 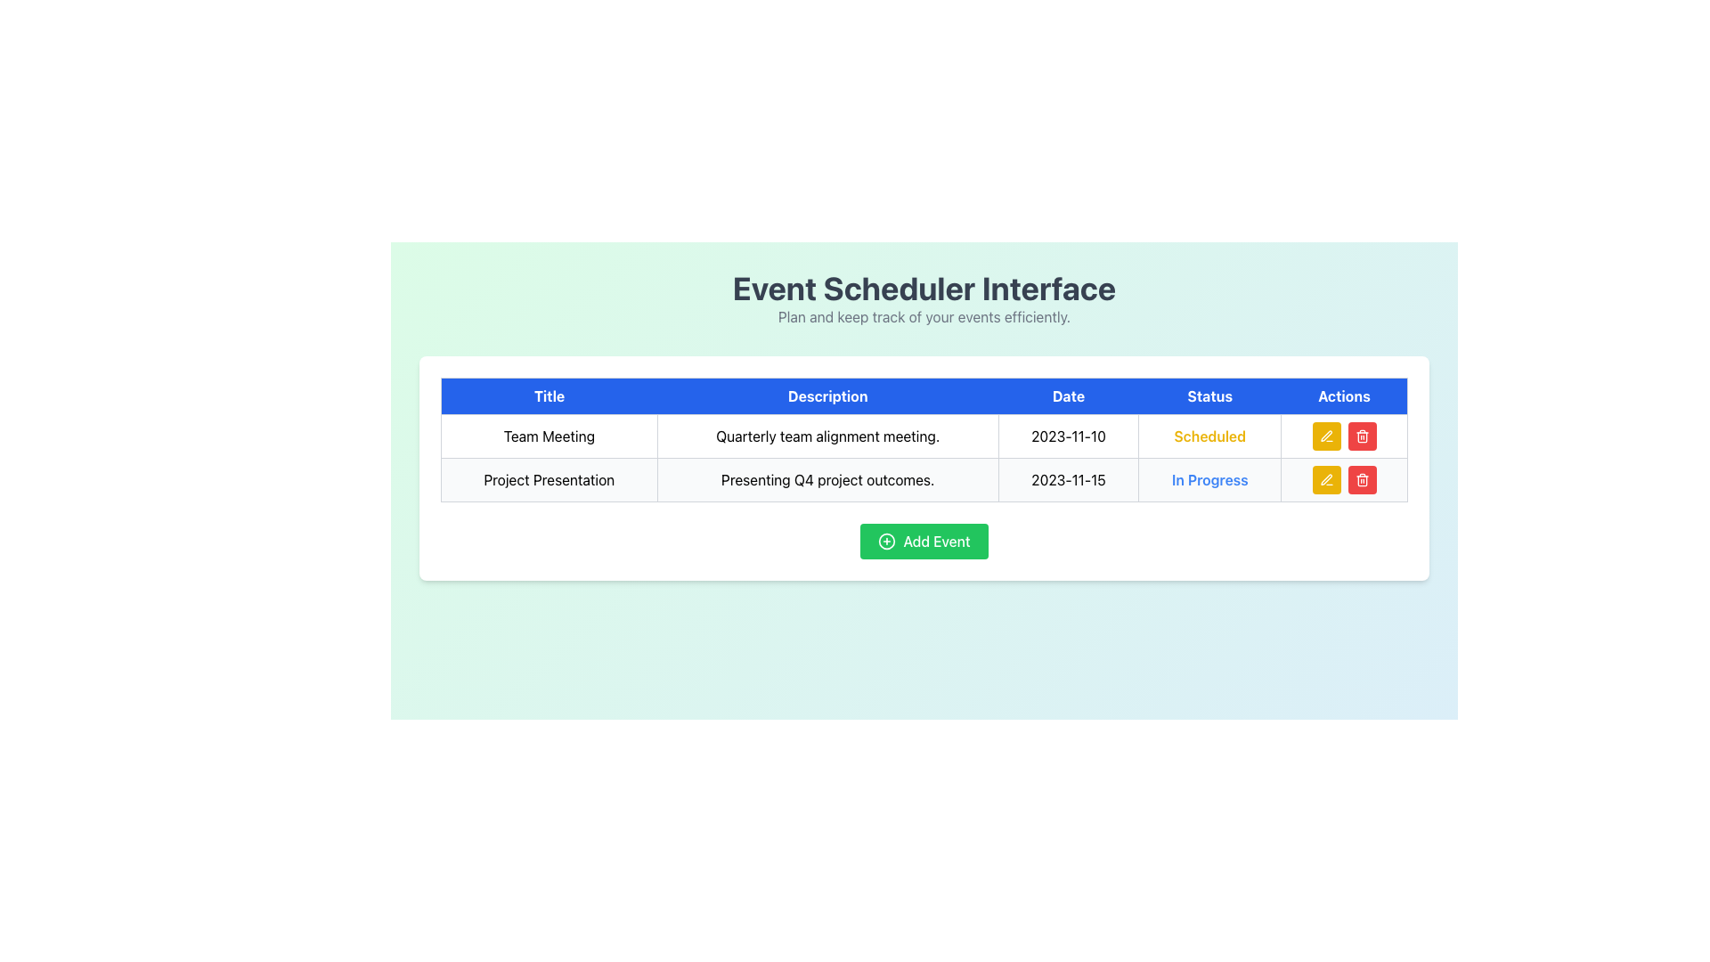 What do you see at coordinates (887, 541) in the screenshot?
I see `the SVG circle element that is part of the plus icon, which visually represents the 'Add Event' button` at bounding box center [887, 541].